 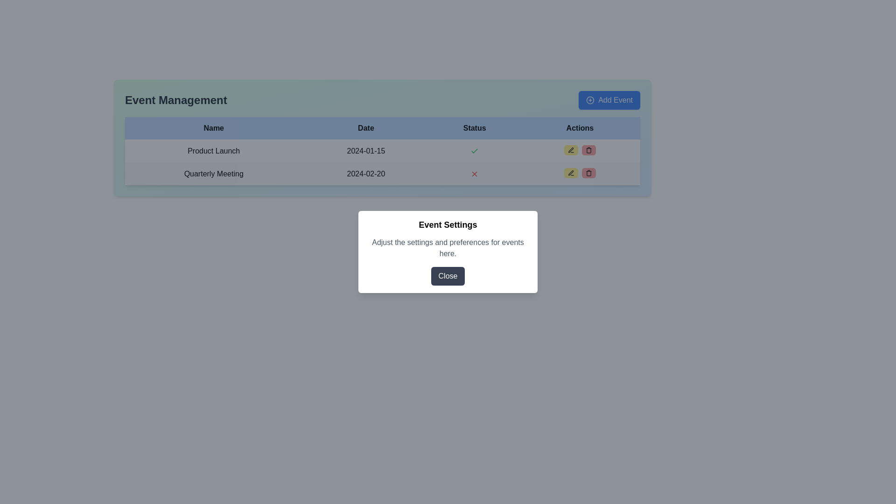 I want to click on the first row of the Event Management table displaying the scheduled event 'Product Launch', so click(x=383, y=150).